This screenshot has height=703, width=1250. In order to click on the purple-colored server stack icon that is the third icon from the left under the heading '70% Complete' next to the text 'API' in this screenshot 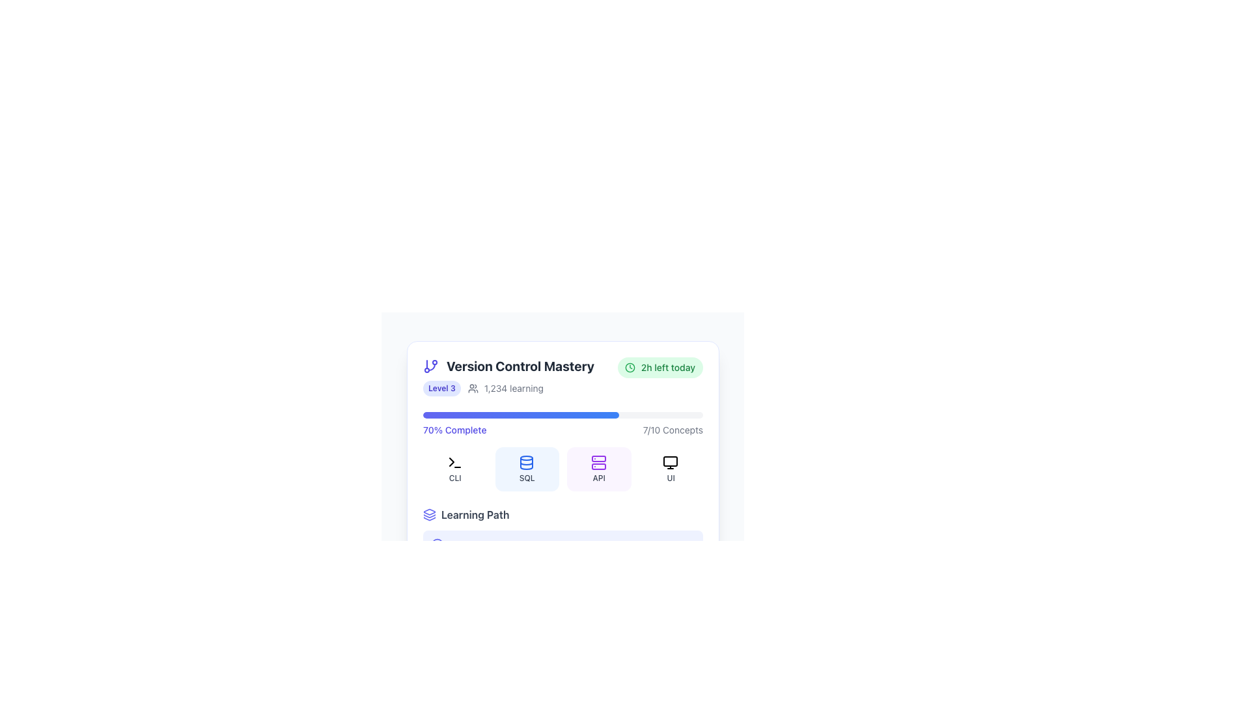, I will do `click(598, 462)`.